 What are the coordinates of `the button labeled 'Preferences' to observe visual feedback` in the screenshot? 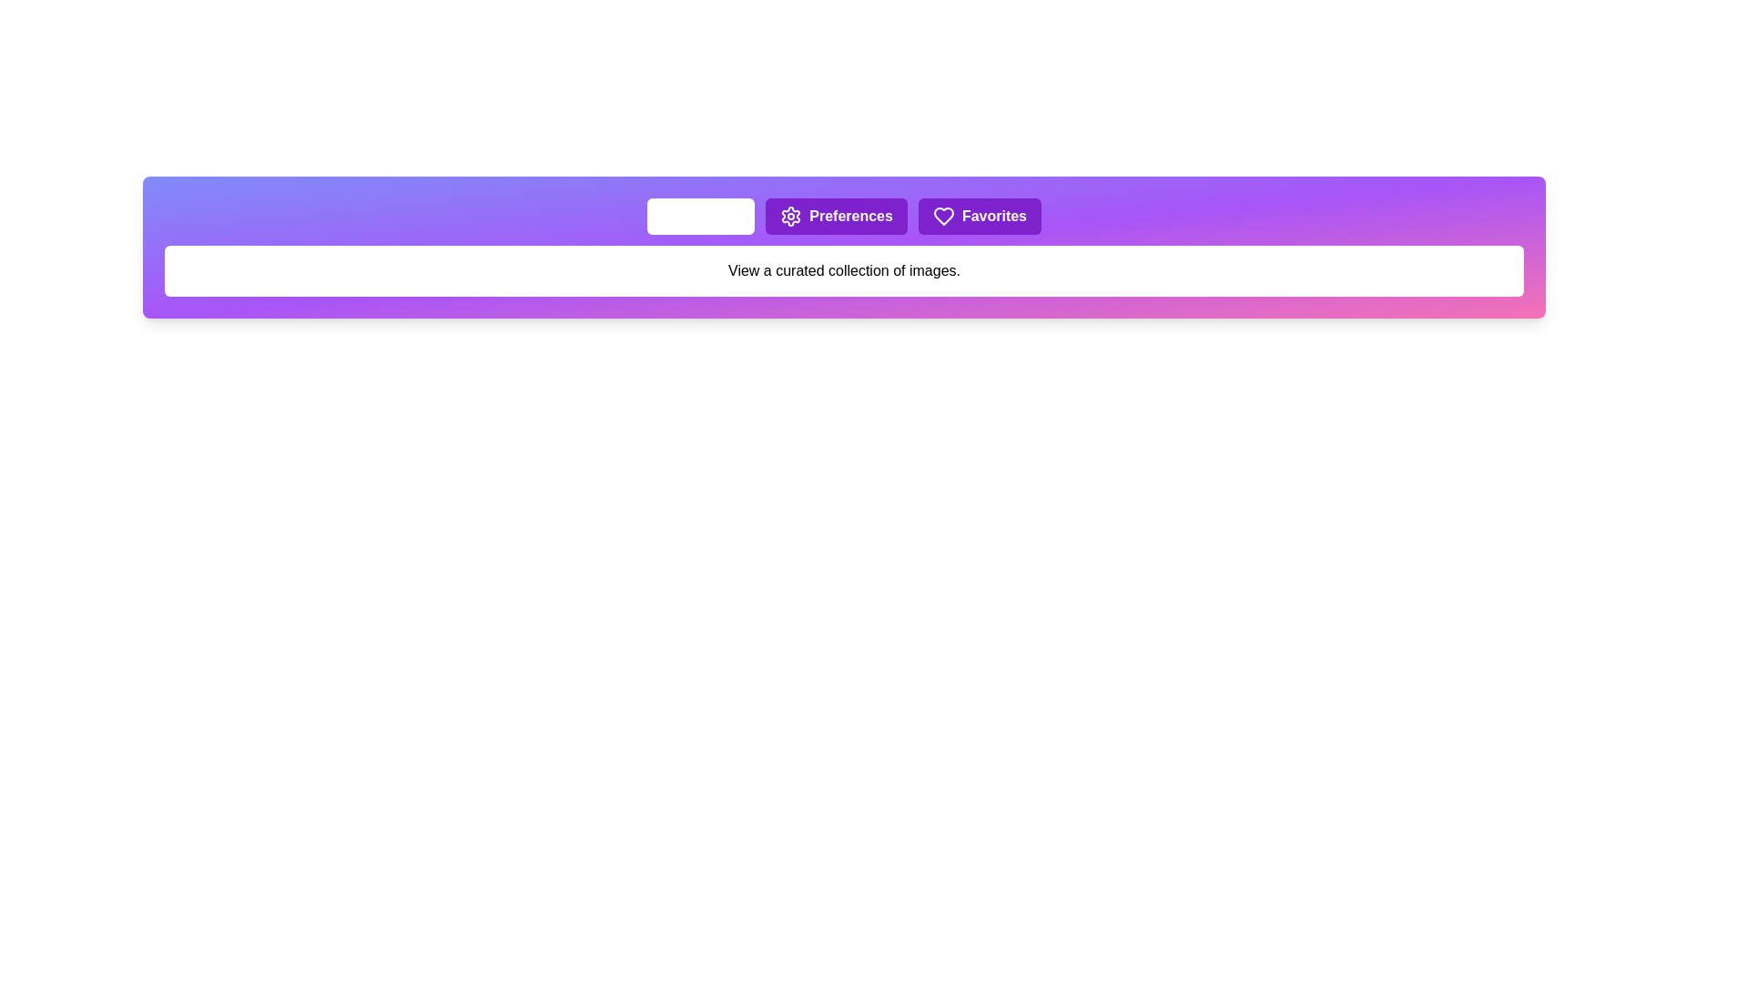 It's located at (835, 216).